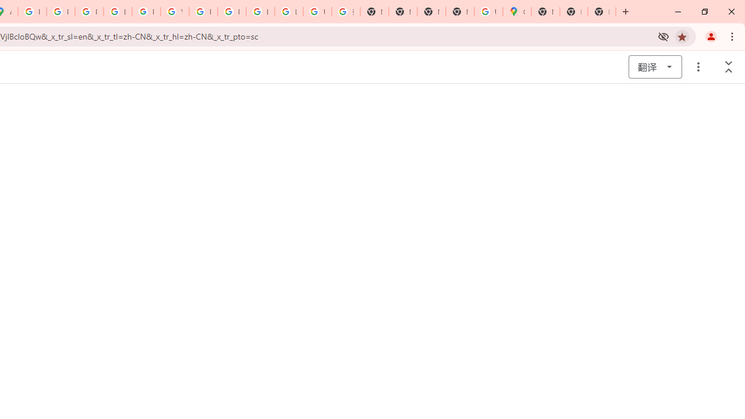  Describe the element at coordinates (488, 12) in the screenshot. I see `'Use Google Maps in Space - Google Maps Help'` at that location.